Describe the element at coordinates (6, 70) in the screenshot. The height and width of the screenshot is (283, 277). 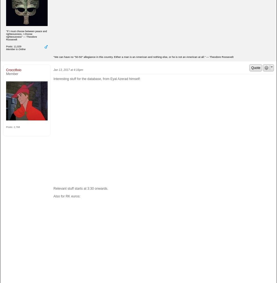
I see `'Croccifixio'` at that location.